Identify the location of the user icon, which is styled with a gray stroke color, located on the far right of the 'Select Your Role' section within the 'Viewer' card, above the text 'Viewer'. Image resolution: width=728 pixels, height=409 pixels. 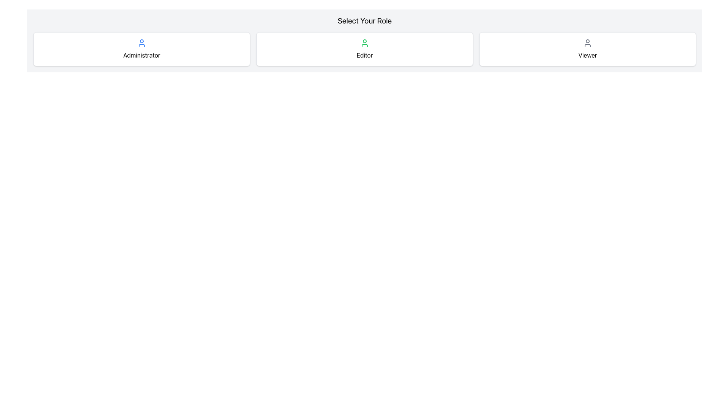
(587, 43).